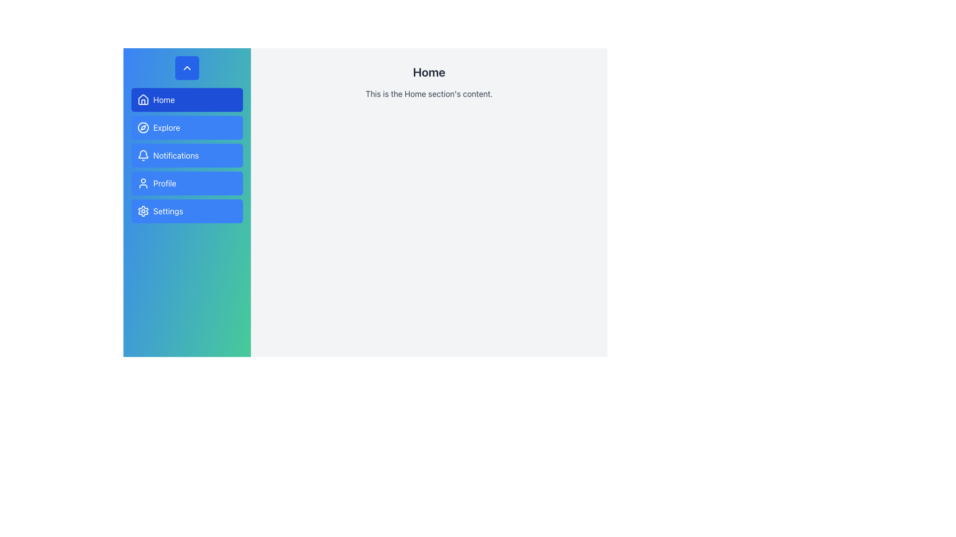 The height and width of the screenshot is (537, 956). What do you see at coordinates (167, 127) in the screenshot?
I see `the 'Explore' text label which indicates the purpose of the button for navigating to the 'Explore' section of the application` at bounding box center [167, 127].